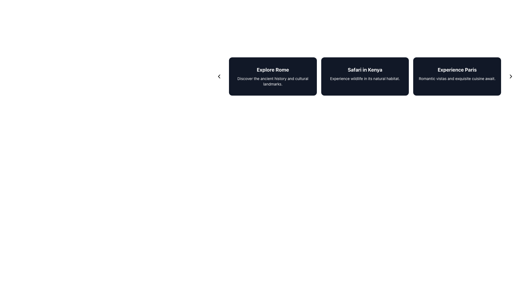 The image size is (524, 295). Describe the element at coordinates (273, 81) in the screenshot. I see `descriptive text label located directly beneath the 'Explore Rome' title, which provides additional information about the content` at that location.